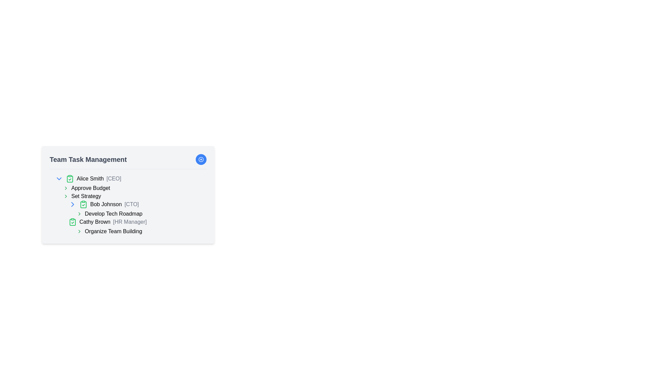 The width and height of the screenshot is (649, 365). Describe the element at coordinates (137, 222) in the screenshot. I see `the text element displaying 'Cathy Brown [HR Manager]' with an icon of a clipboard and green checkmark, located under 'Bob Johnson [CTO]' in the 'Team Task Management' section` at that location.